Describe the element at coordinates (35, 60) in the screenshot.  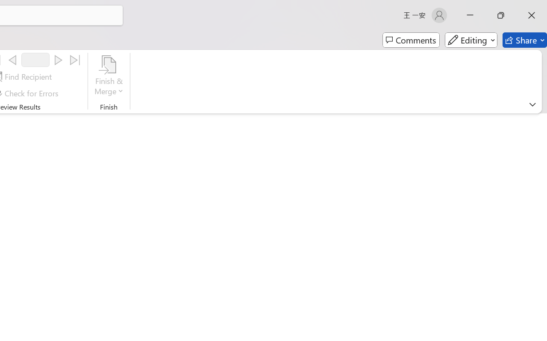
I see `'Record'` at that location.